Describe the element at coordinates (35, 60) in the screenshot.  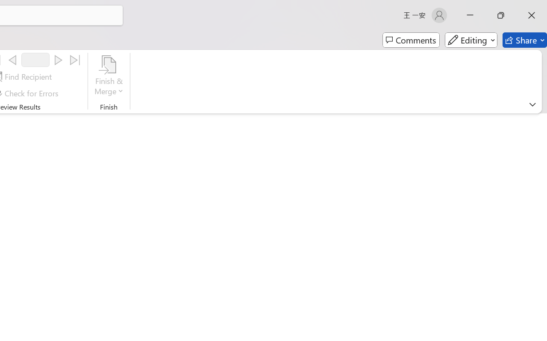
I see `'Record'` at that location.